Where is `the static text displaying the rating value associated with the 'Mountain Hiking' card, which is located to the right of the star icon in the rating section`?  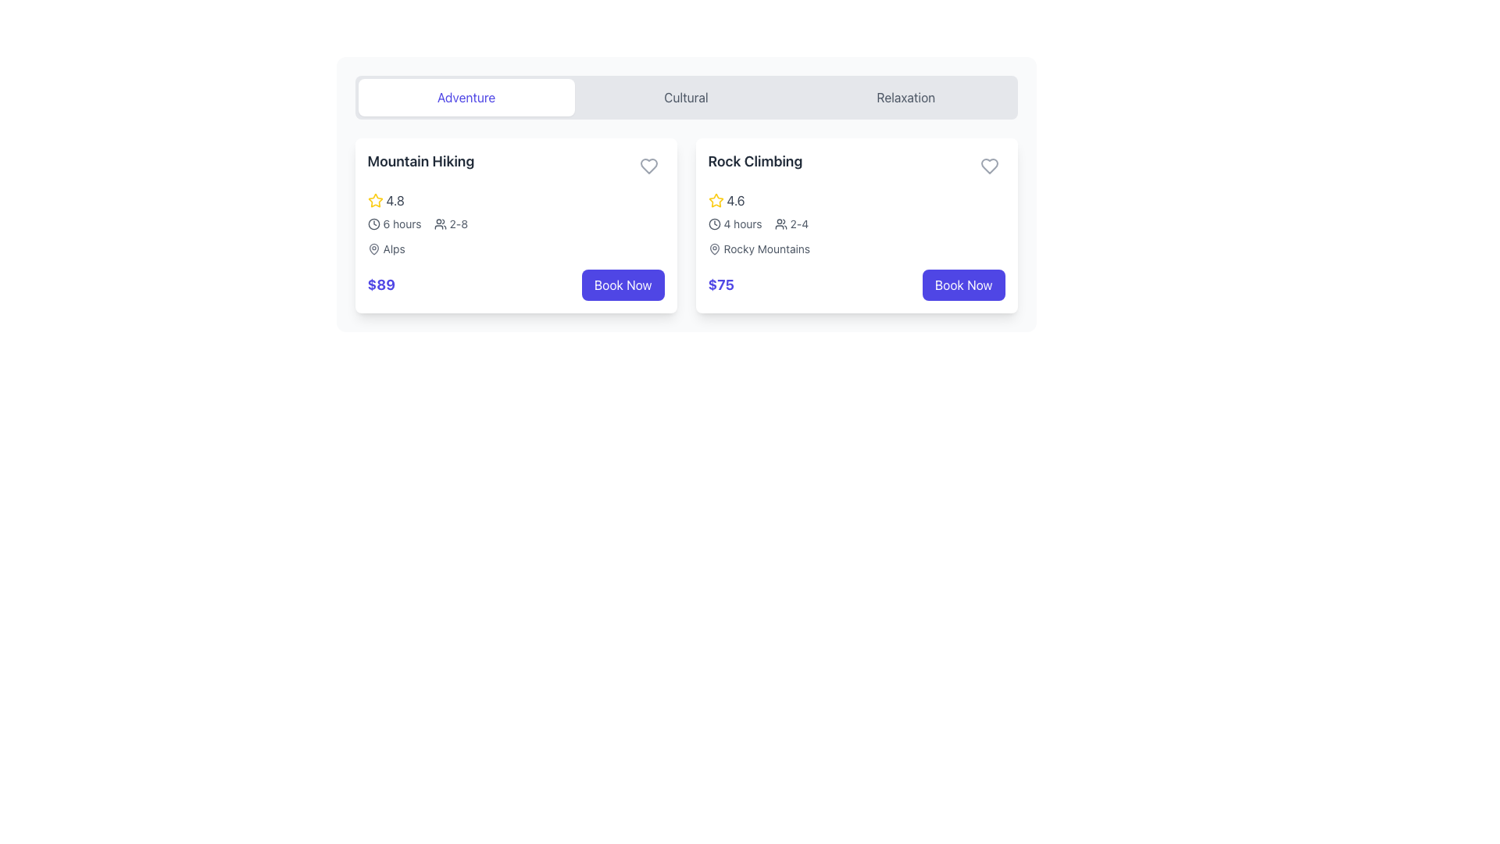 the static text displaying the rating value associated with the 'Mountain Hiking' card, which is located to the right of the star icon in the rating section is located at coordinates (395, 200).